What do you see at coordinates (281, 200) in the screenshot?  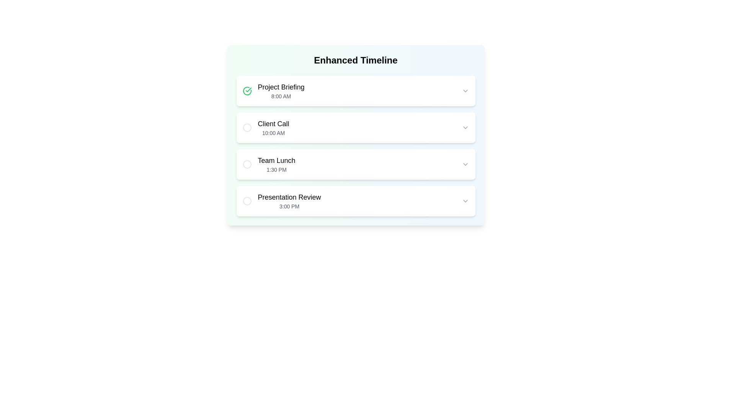 I see `text of the non-interactive 'Presentation Review' event element, which displays information about the event's title and time` at bounding box center [281, 200].